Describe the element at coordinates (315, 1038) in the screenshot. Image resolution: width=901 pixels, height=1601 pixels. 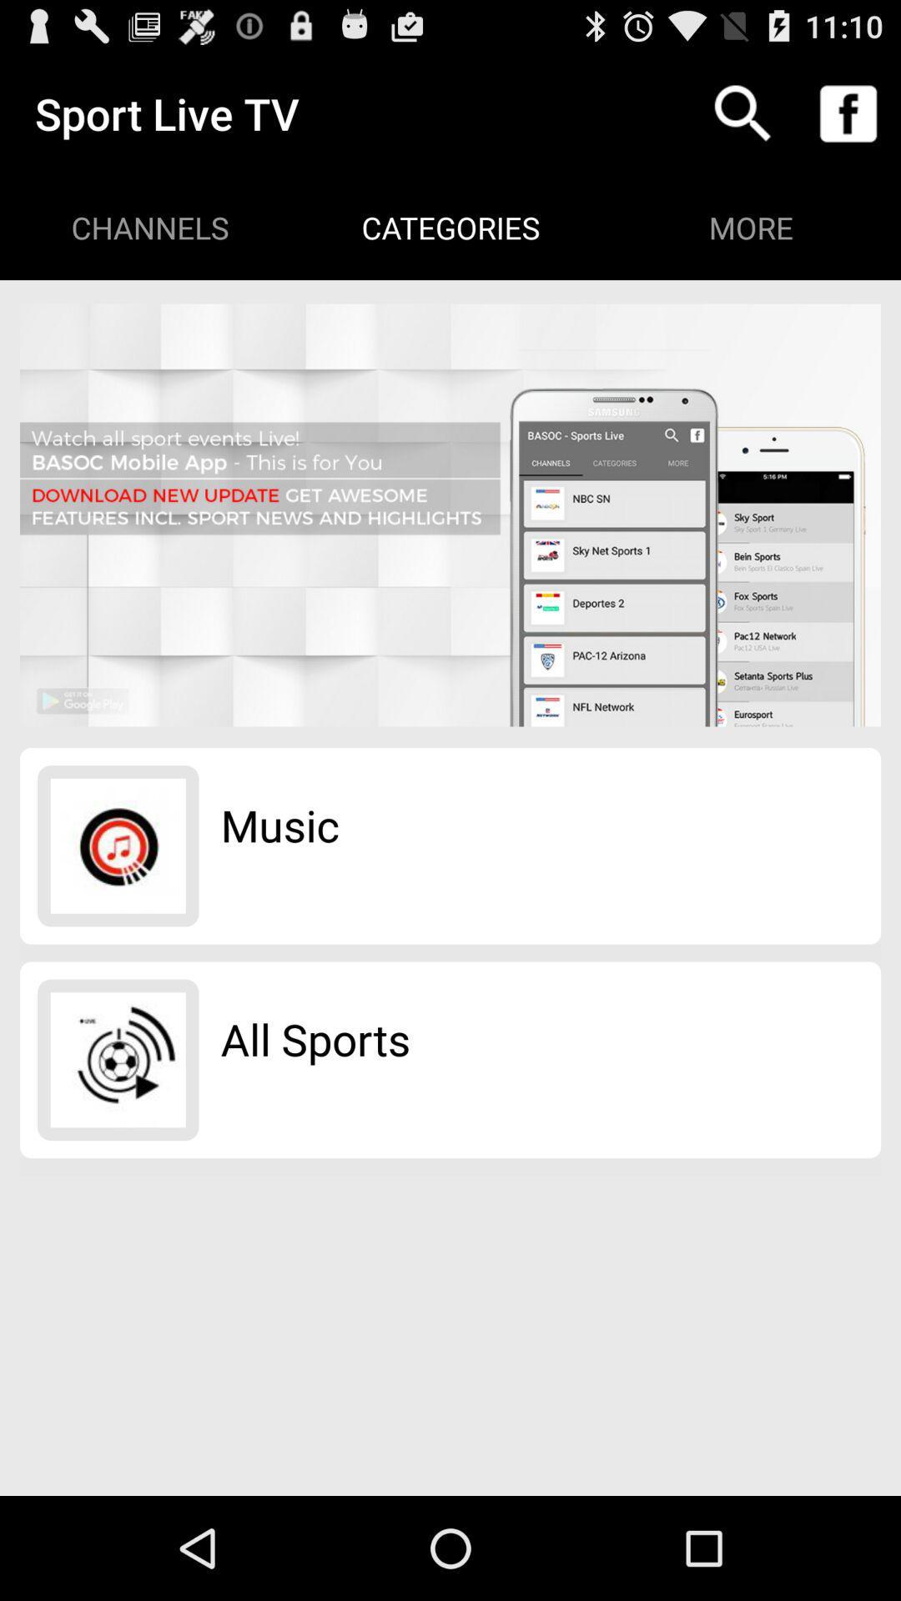
I see `the item below the music` at that location.